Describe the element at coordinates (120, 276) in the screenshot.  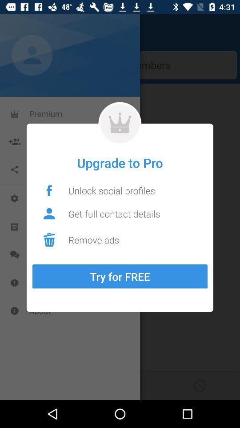
I see `icon below remove ads` at that location.